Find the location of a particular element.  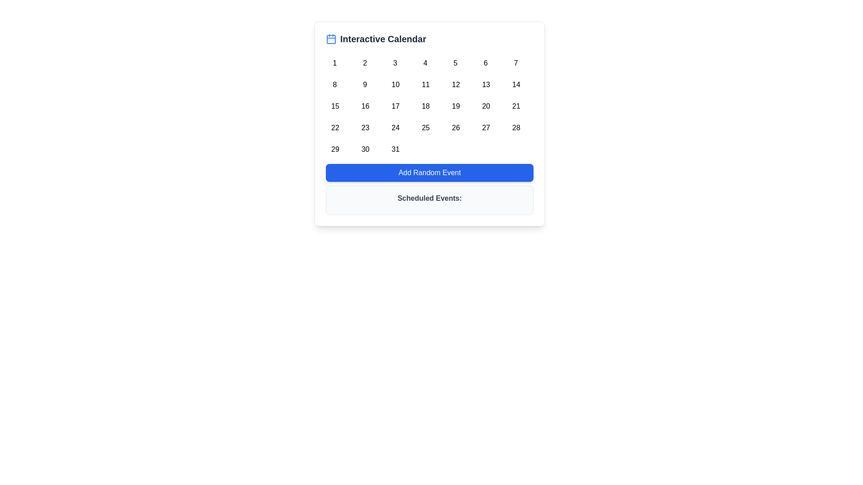

the selectable calendar day button for the date '28' to change its background color is located at coordinates (516, 126).